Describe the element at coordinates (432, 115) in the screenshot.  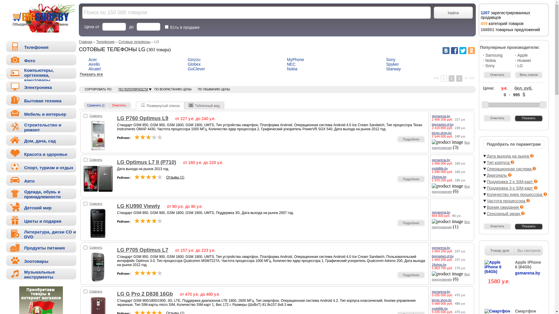
I see `'gsmarena.by'` at that location.